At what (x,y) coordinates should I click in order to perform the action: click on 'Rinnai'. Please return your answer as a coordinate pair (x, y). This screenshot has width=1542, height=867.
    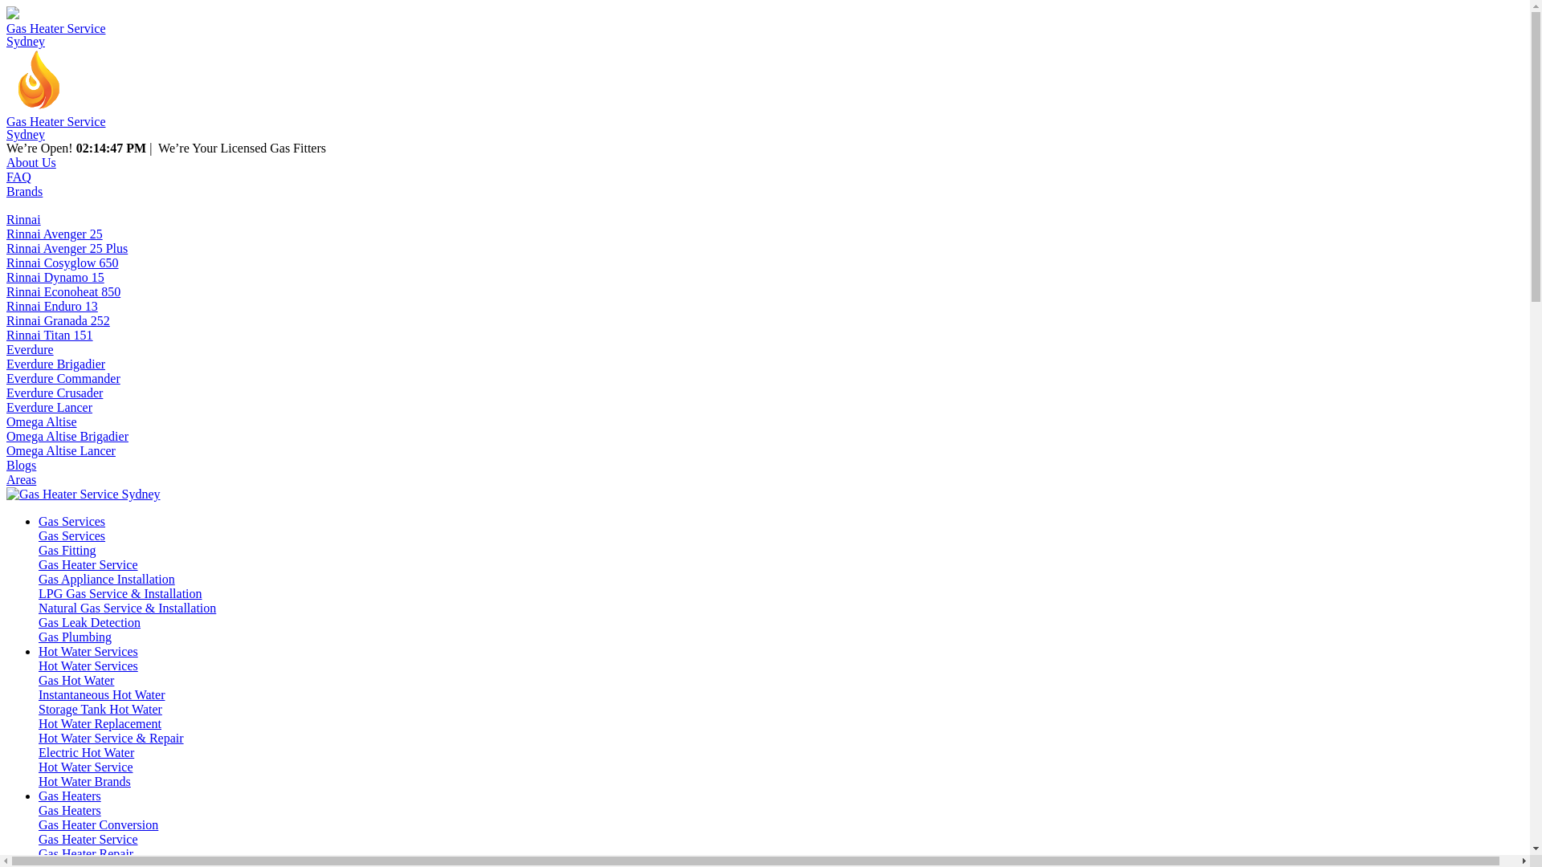
    Looking at the image, I should click on (23, 219).